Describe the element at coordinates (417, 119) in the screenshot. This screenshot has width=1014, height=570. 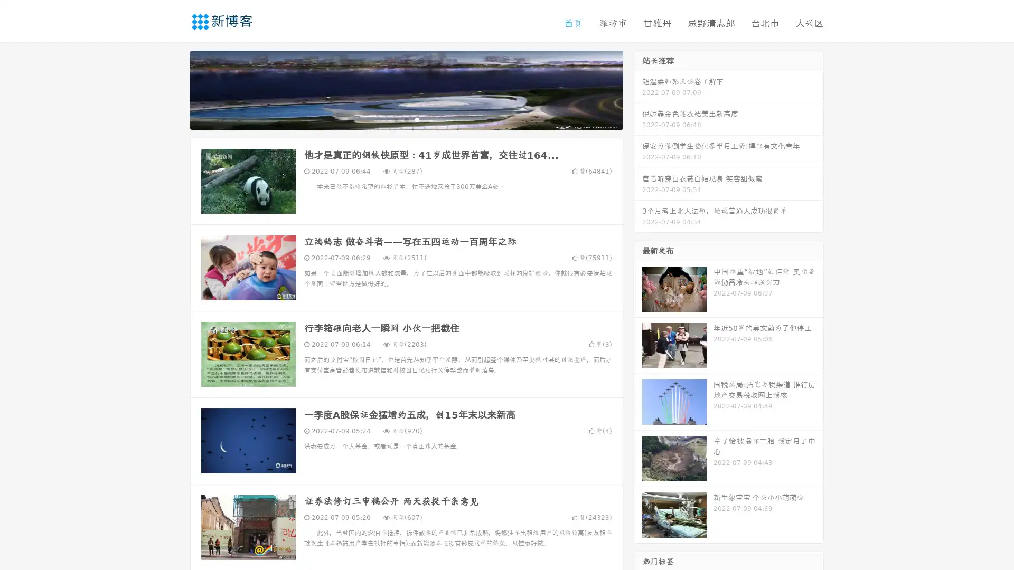
I see `Go to slide 3` at that location.